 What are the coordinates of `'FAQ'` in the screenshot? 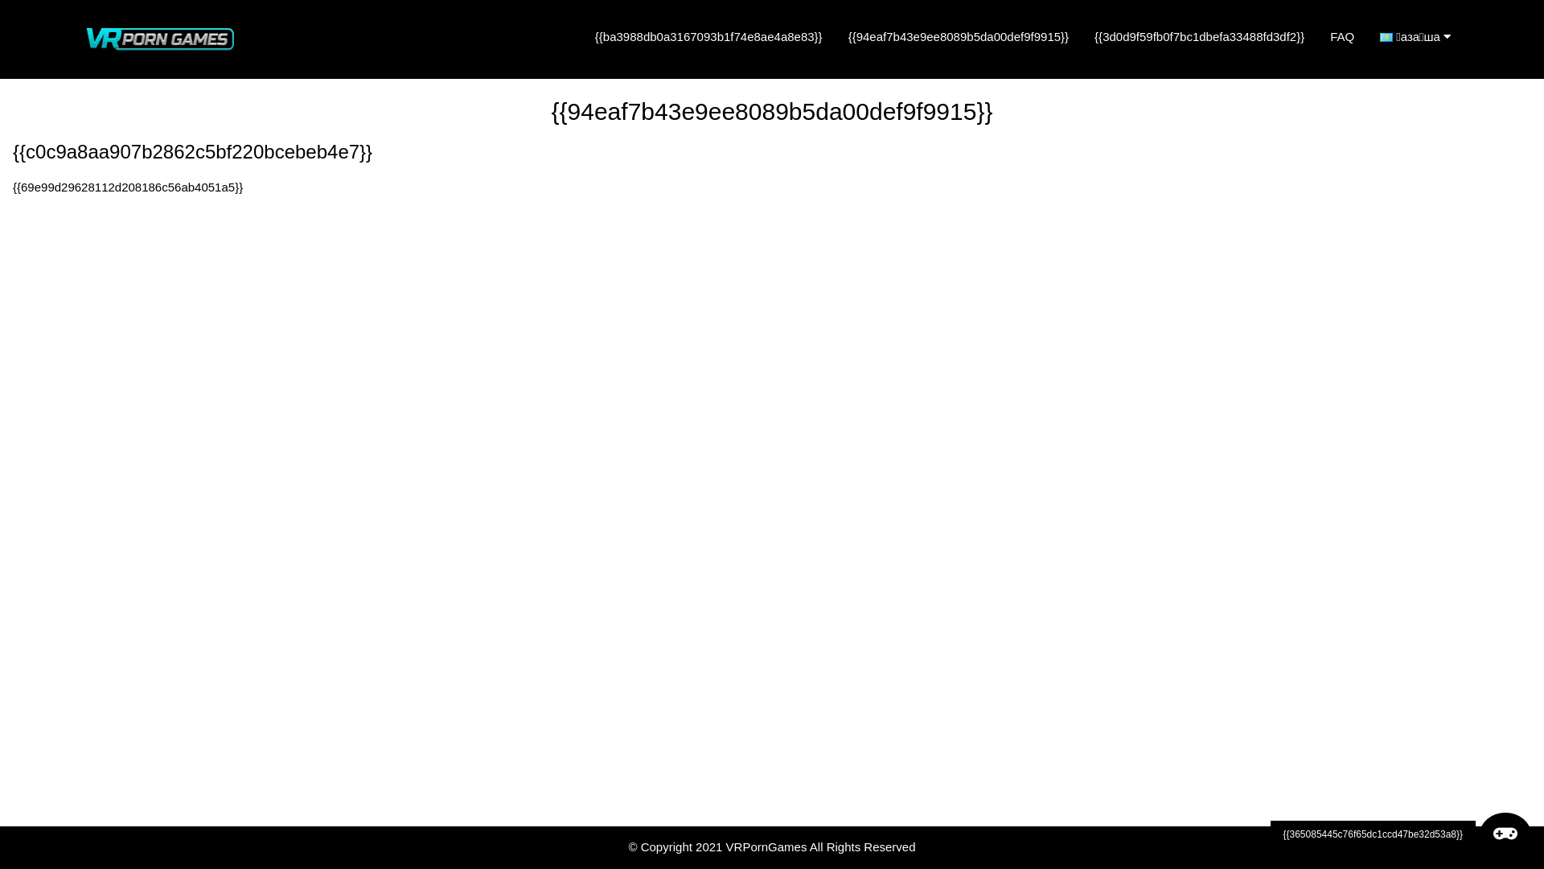 It's located at (1342, 36).